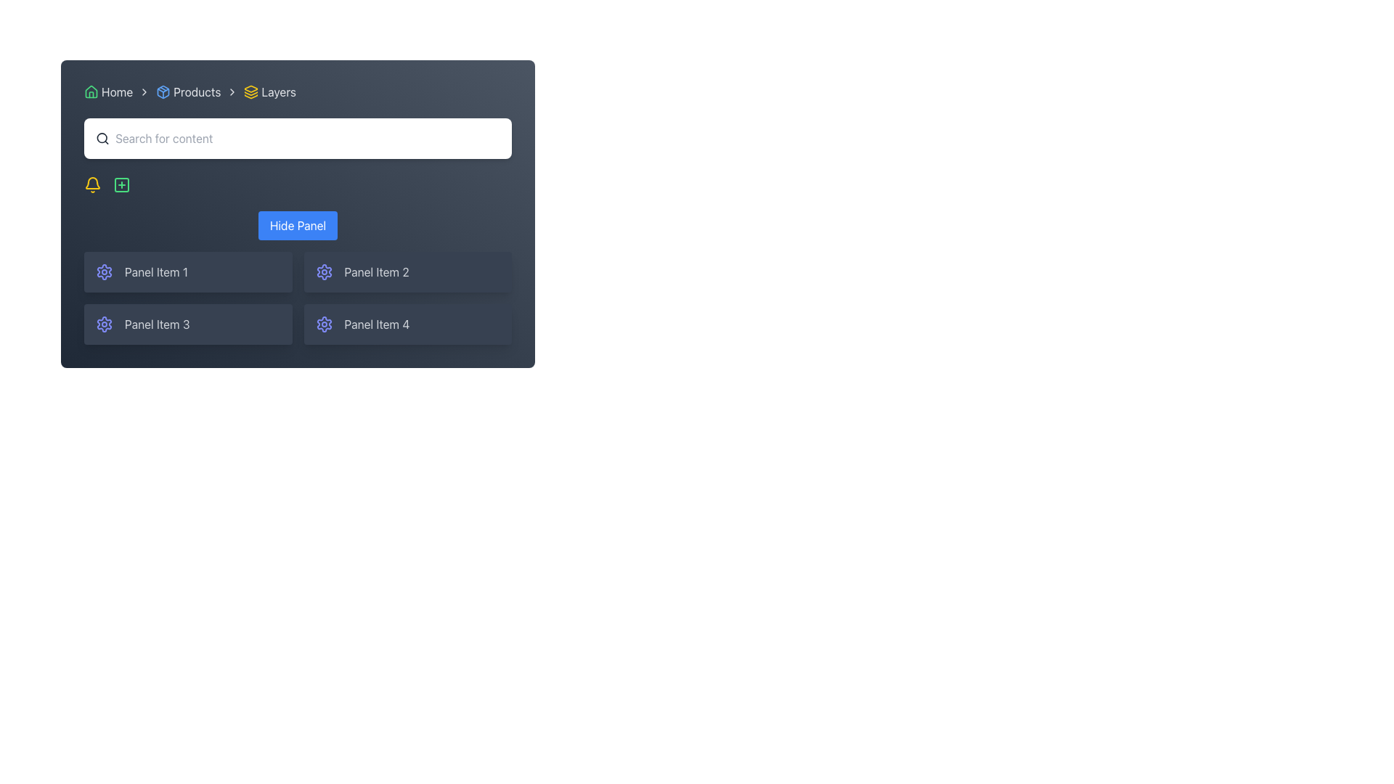 The width and height of the screenshot is (1394, 784). What do you see at coordinates (323, 271) in the screenshot?
I see `the cog-shaped icon located in 'Panel Item 2'` at bounding box center [323, 271].